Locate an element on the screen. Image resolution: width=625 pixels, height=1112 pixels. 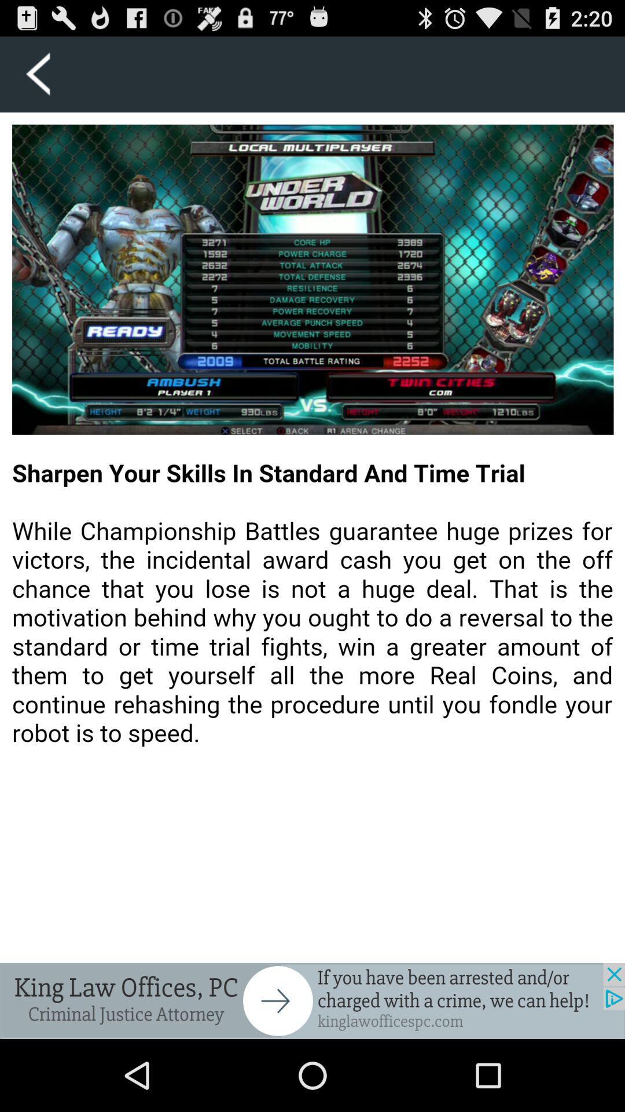
the arrow_backward icon is located at coordinates (37, 79).